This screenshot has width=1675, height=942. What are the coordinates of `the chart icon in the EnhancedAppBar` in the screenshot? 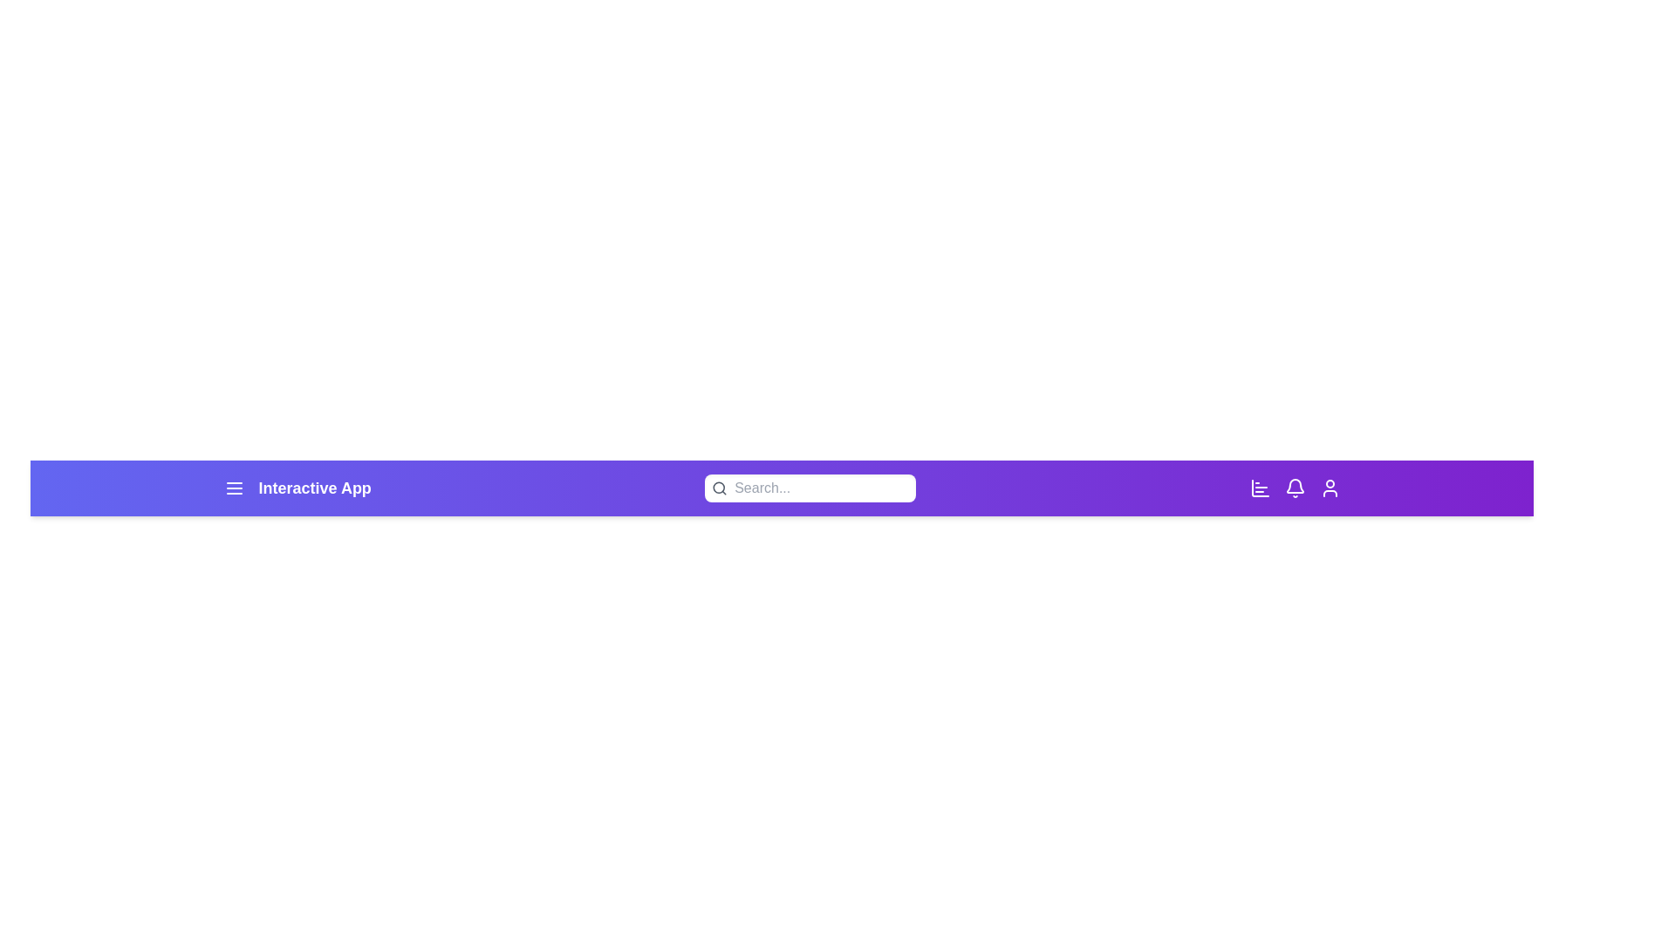 It's located at (1260, 488).